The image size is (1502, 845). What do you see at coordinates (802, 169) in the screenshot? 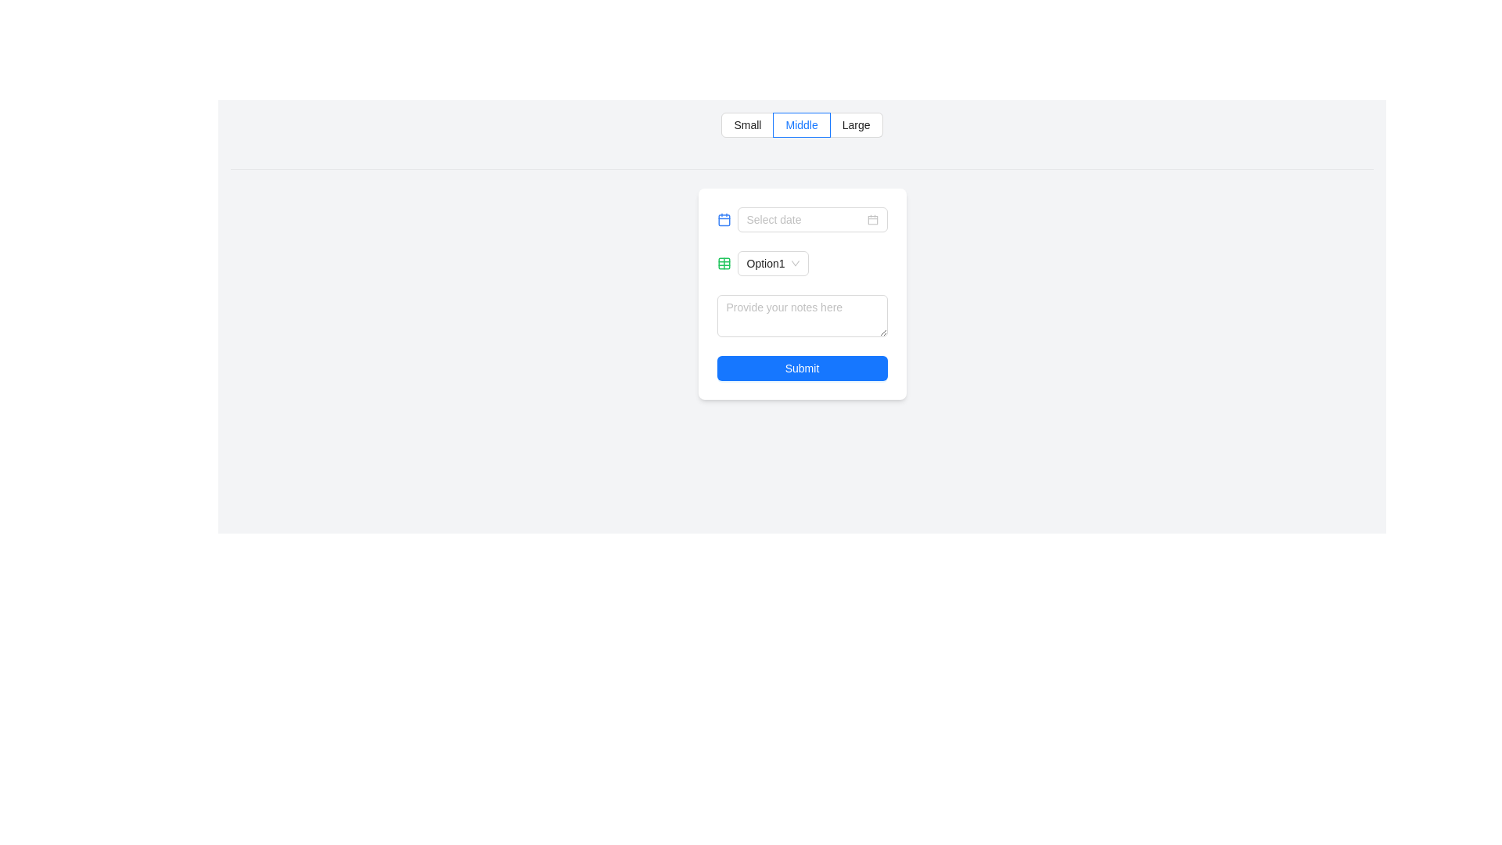
I see `the horizontal divider line located directly below the radio button group labeled 'Small', 'Middle', 'Large'` at bounding box center [802, 169].